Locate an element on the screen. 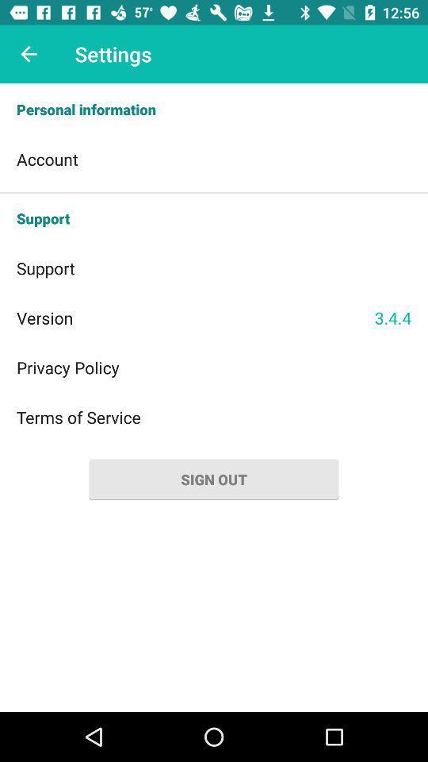 The height and width of the screenshot is (762, 428). the icon below terms of service icon is located at coordinates (214, 479).